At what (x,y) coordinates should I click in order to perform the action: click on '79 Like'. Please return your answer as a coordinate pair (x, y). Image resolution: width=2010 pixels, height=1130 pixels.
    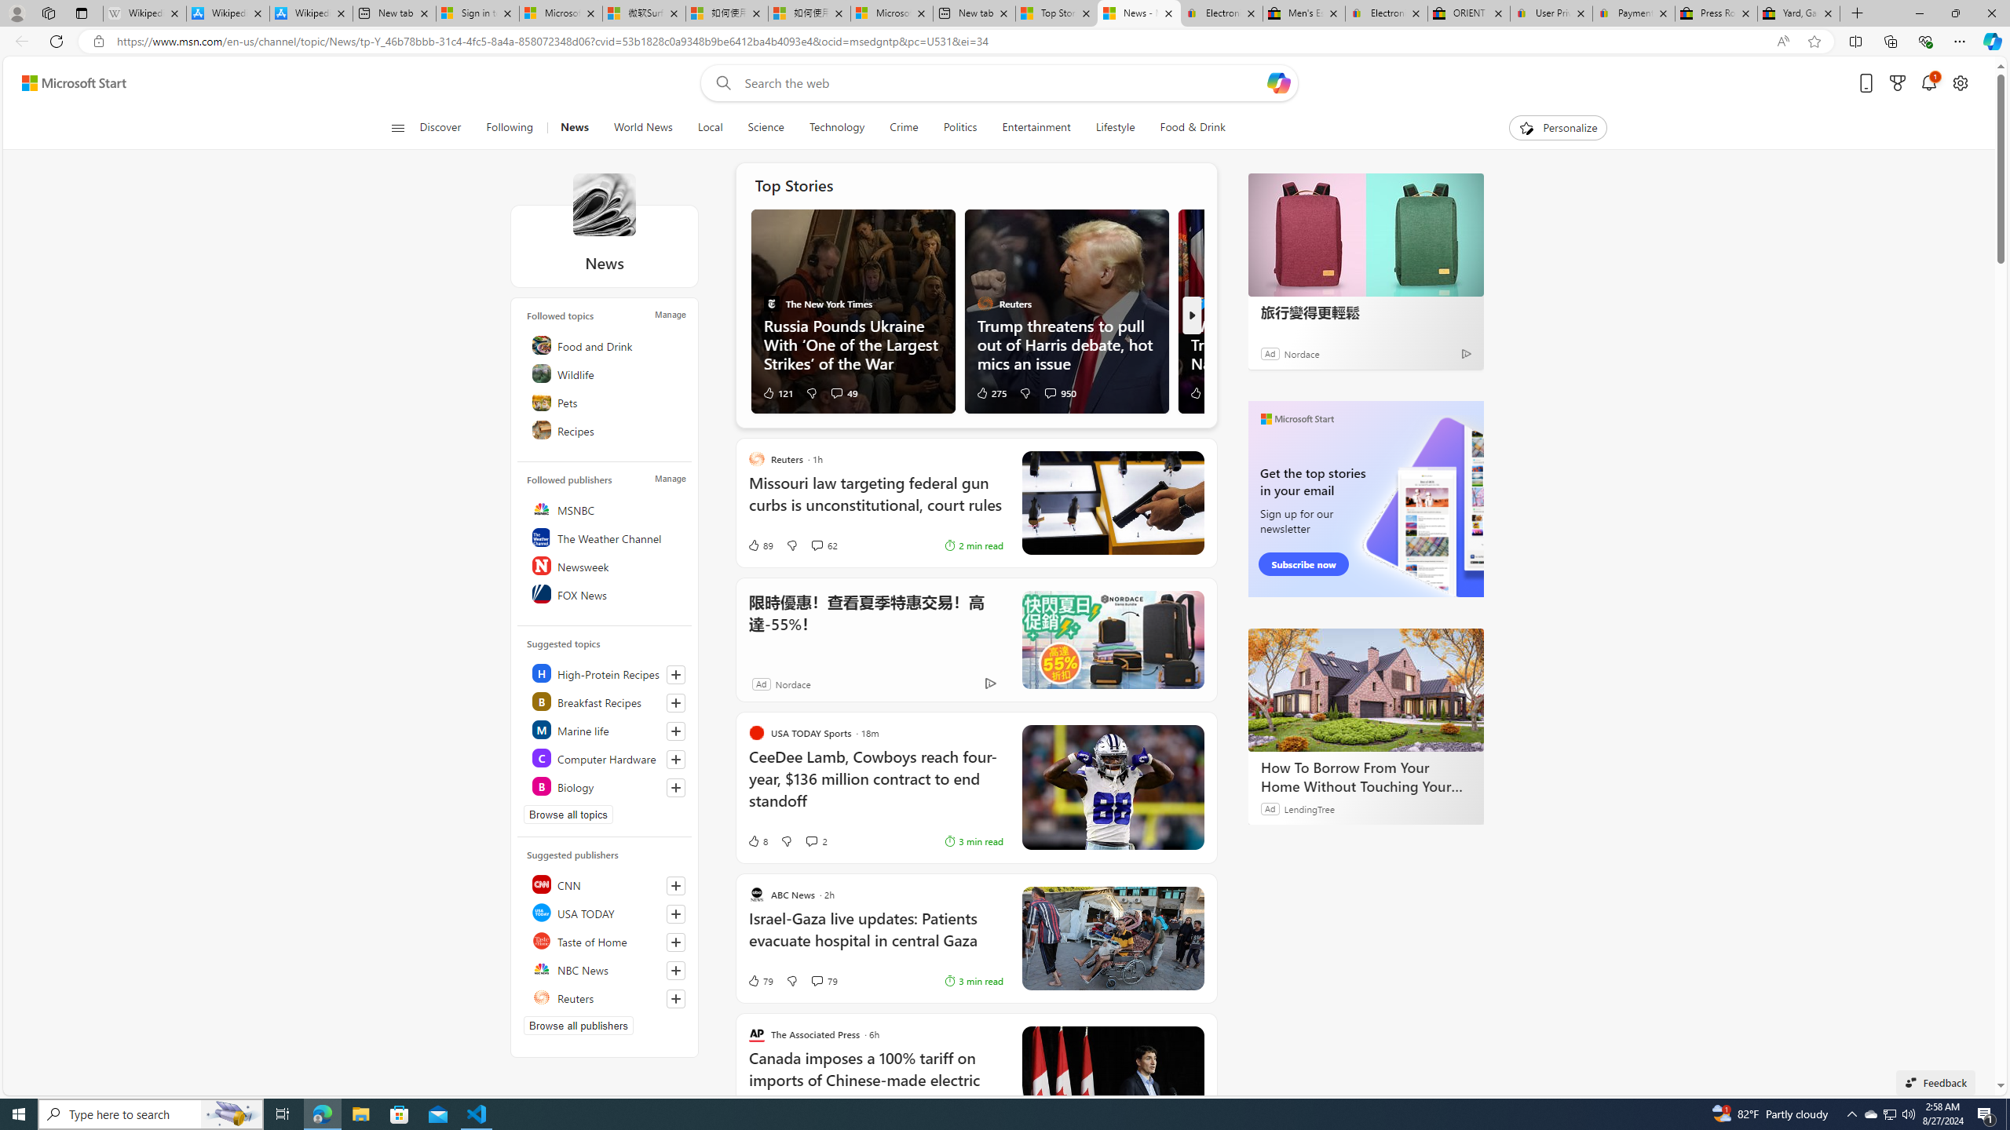
    Looking at the image, I should click on (758, 979).